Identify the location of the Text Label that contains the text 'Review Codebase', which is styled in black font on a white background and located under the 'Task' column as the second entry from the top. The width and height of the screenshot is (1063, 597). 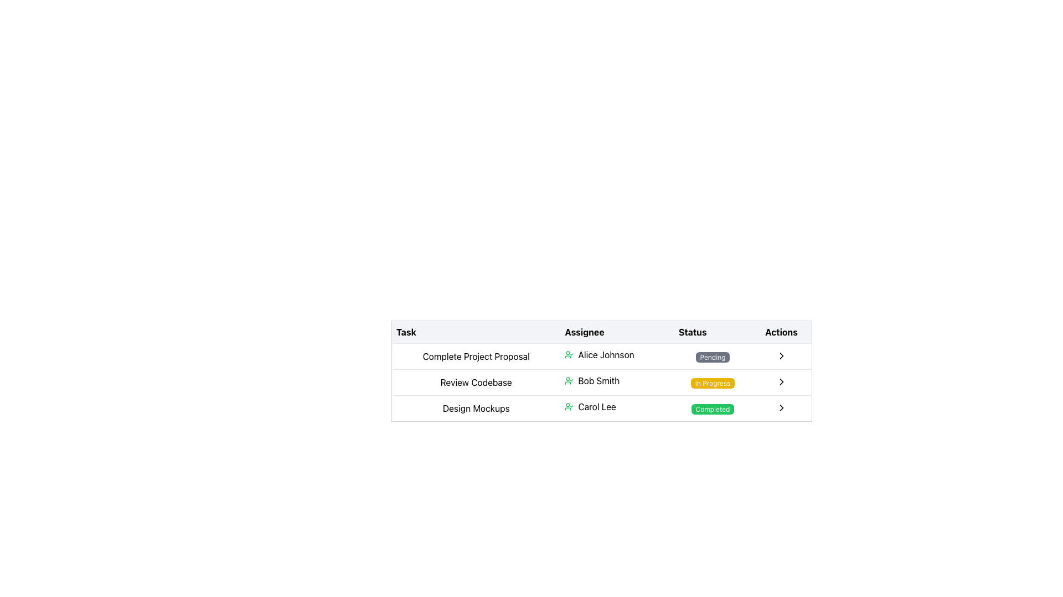
(476, 381).